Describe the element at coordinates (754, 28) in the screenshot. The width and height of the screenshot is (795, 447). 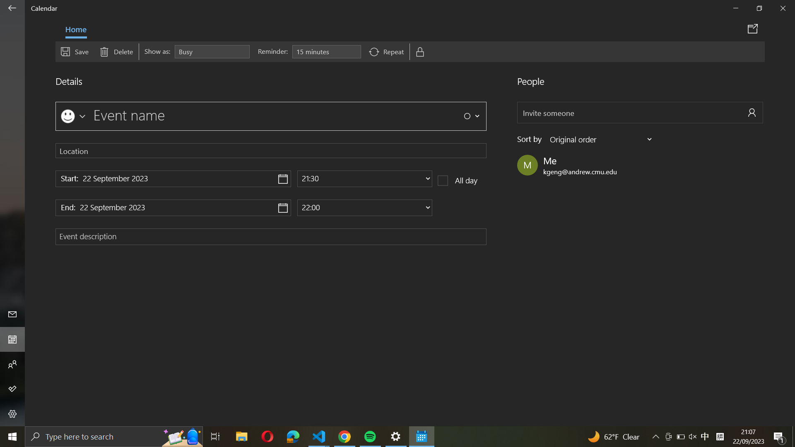
I see `Provide event information via email system` at that location.